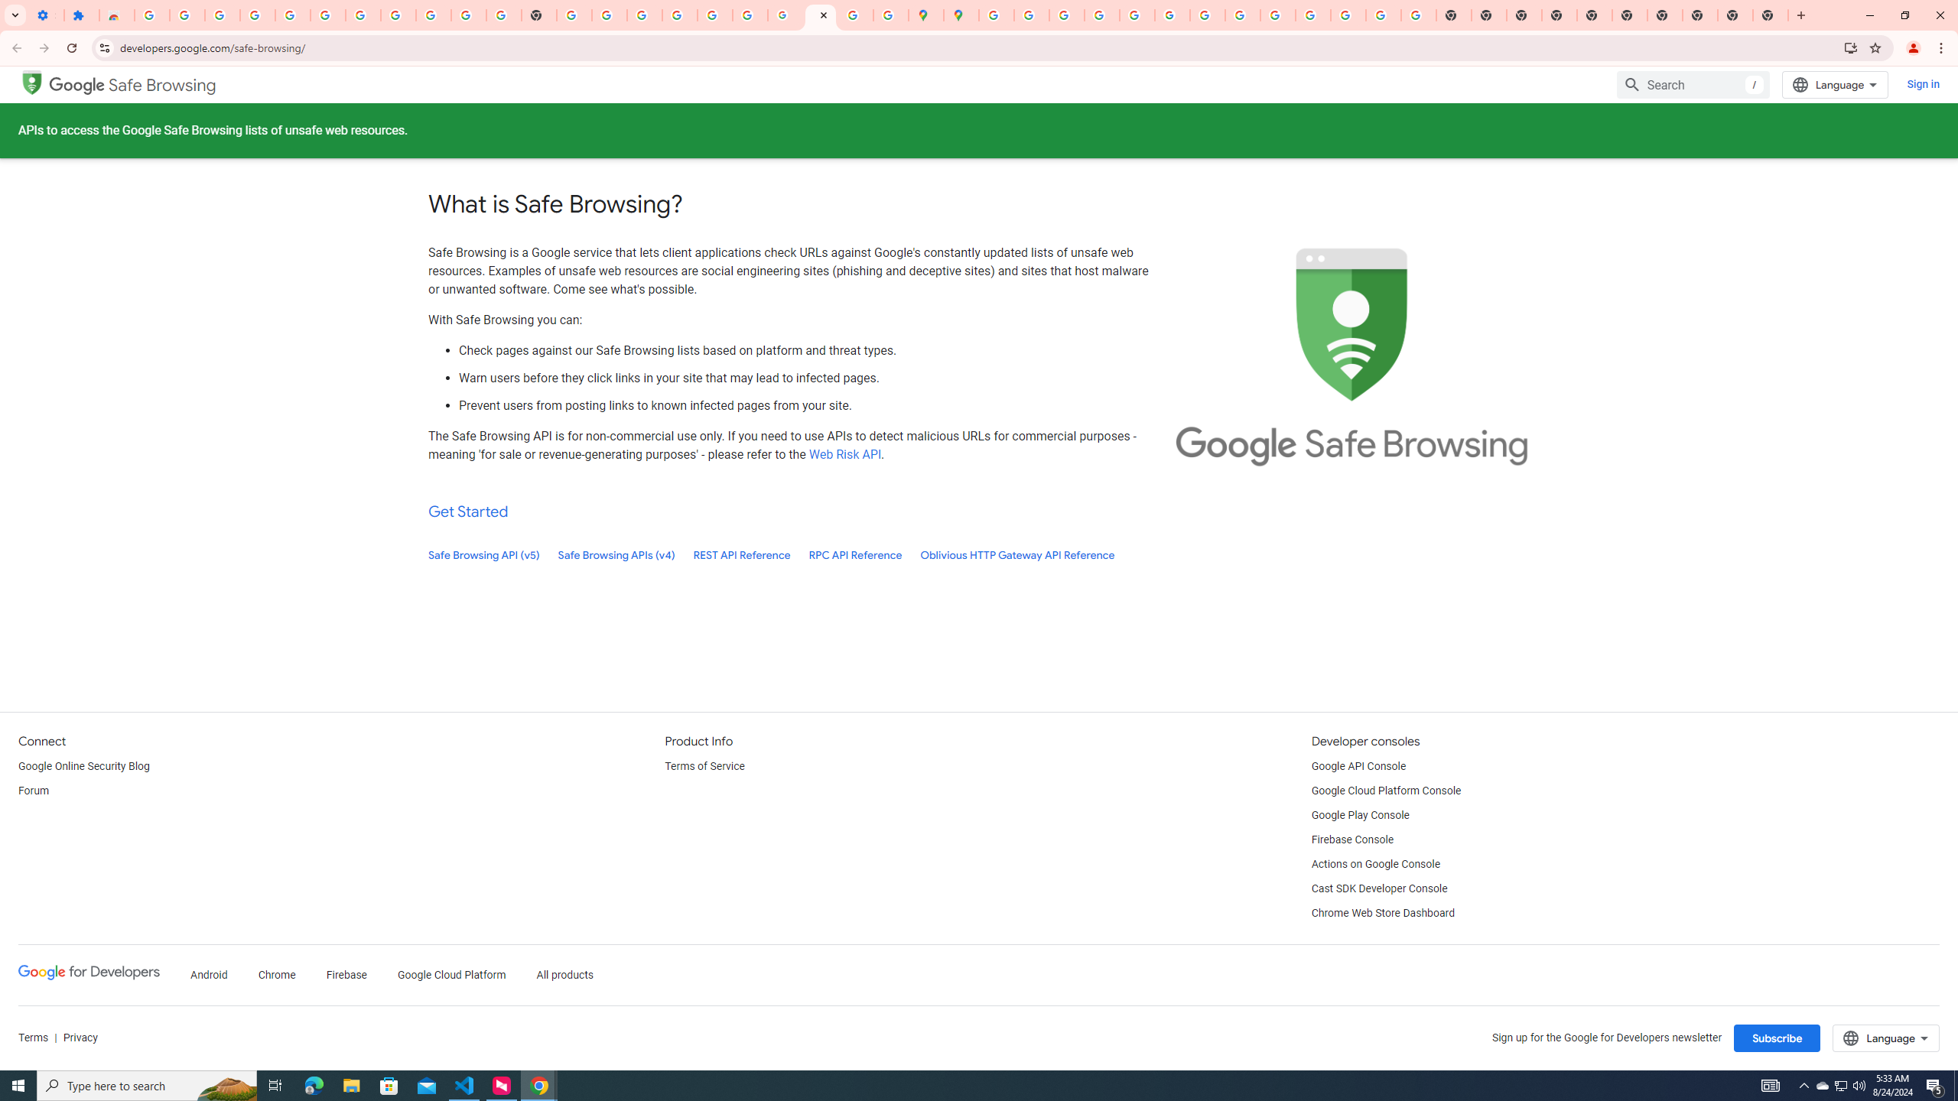 Image resolution: width=1958 pixels, height=1101 pixels. Describe the element at coordinates (844, 453) in the screenshot. I see `'Web Risk API'` at that location.